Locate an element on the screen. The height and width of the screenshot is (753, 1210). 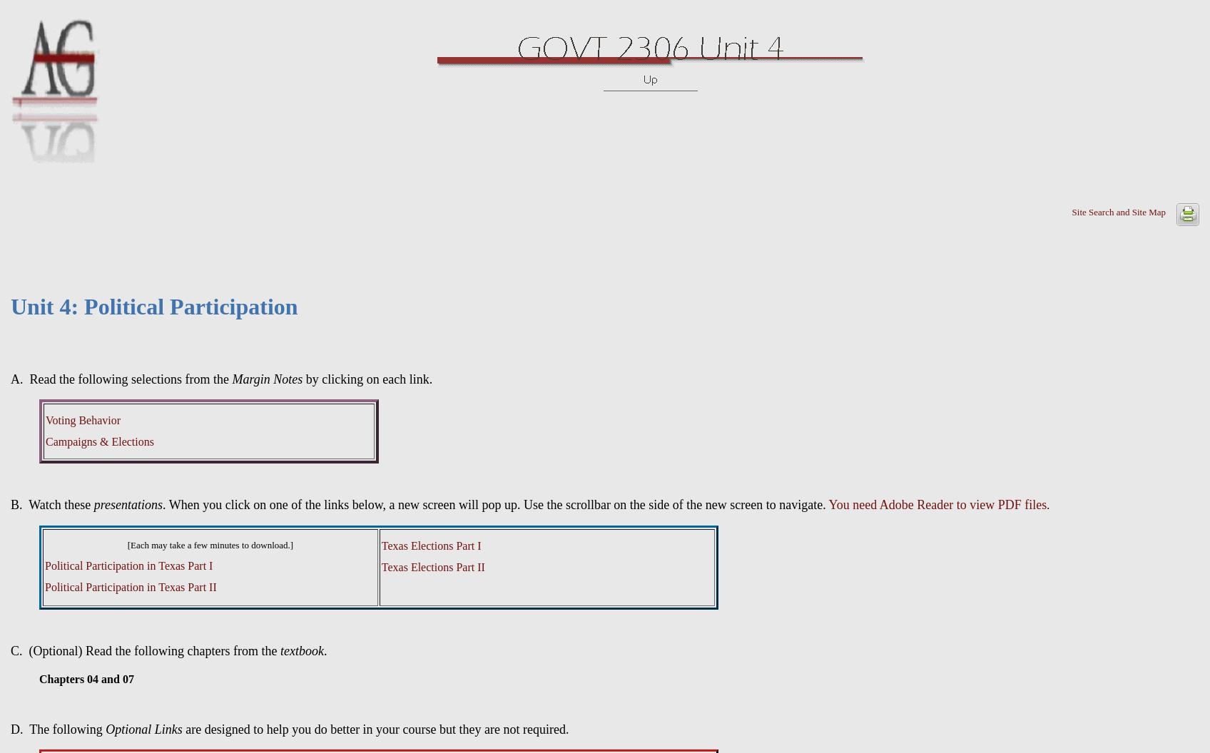
'B.  Watch these' is located at coordinates (51, 505).